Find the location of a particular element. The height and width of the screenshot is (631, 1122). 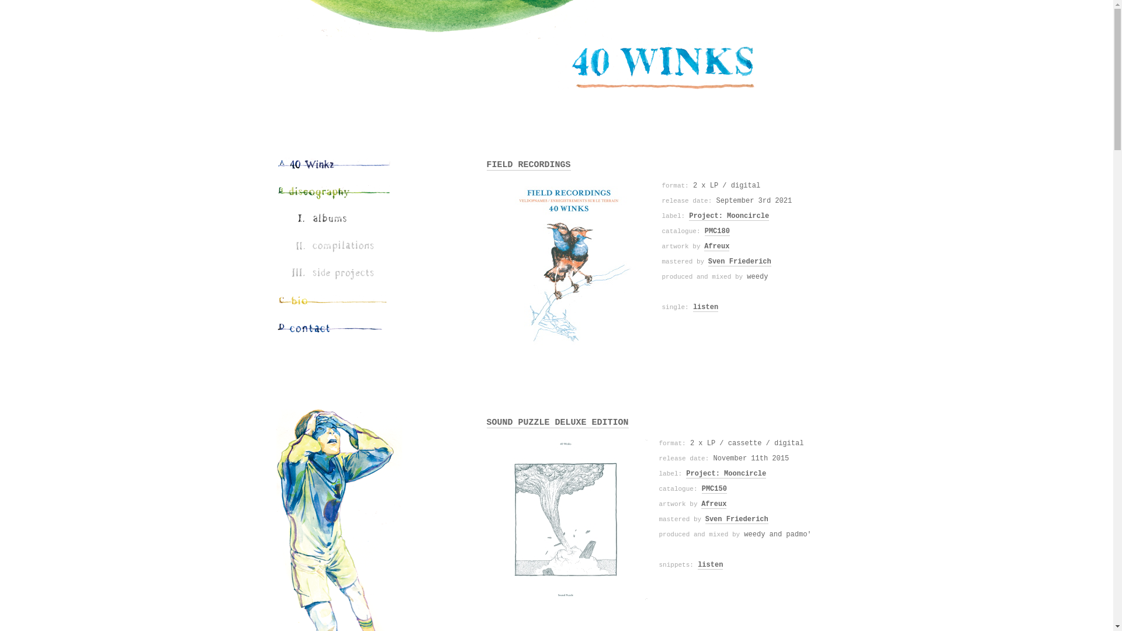

'listen' is located at coordinates (705, 307).